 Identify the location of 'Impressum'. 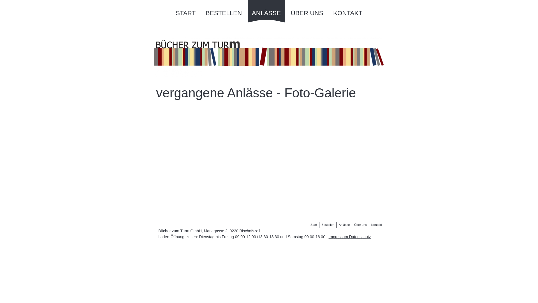
(338, 237).